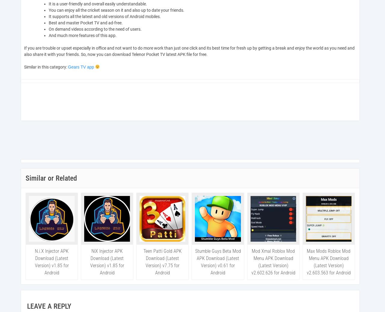 The image size is (385, 312). Describe the element at coordinates (273, 262) in the screenshot. I see `'Mod Xmal Roblox Mod Menu APK Download (Latest Version) v2.602.626 for Android'` at that location.